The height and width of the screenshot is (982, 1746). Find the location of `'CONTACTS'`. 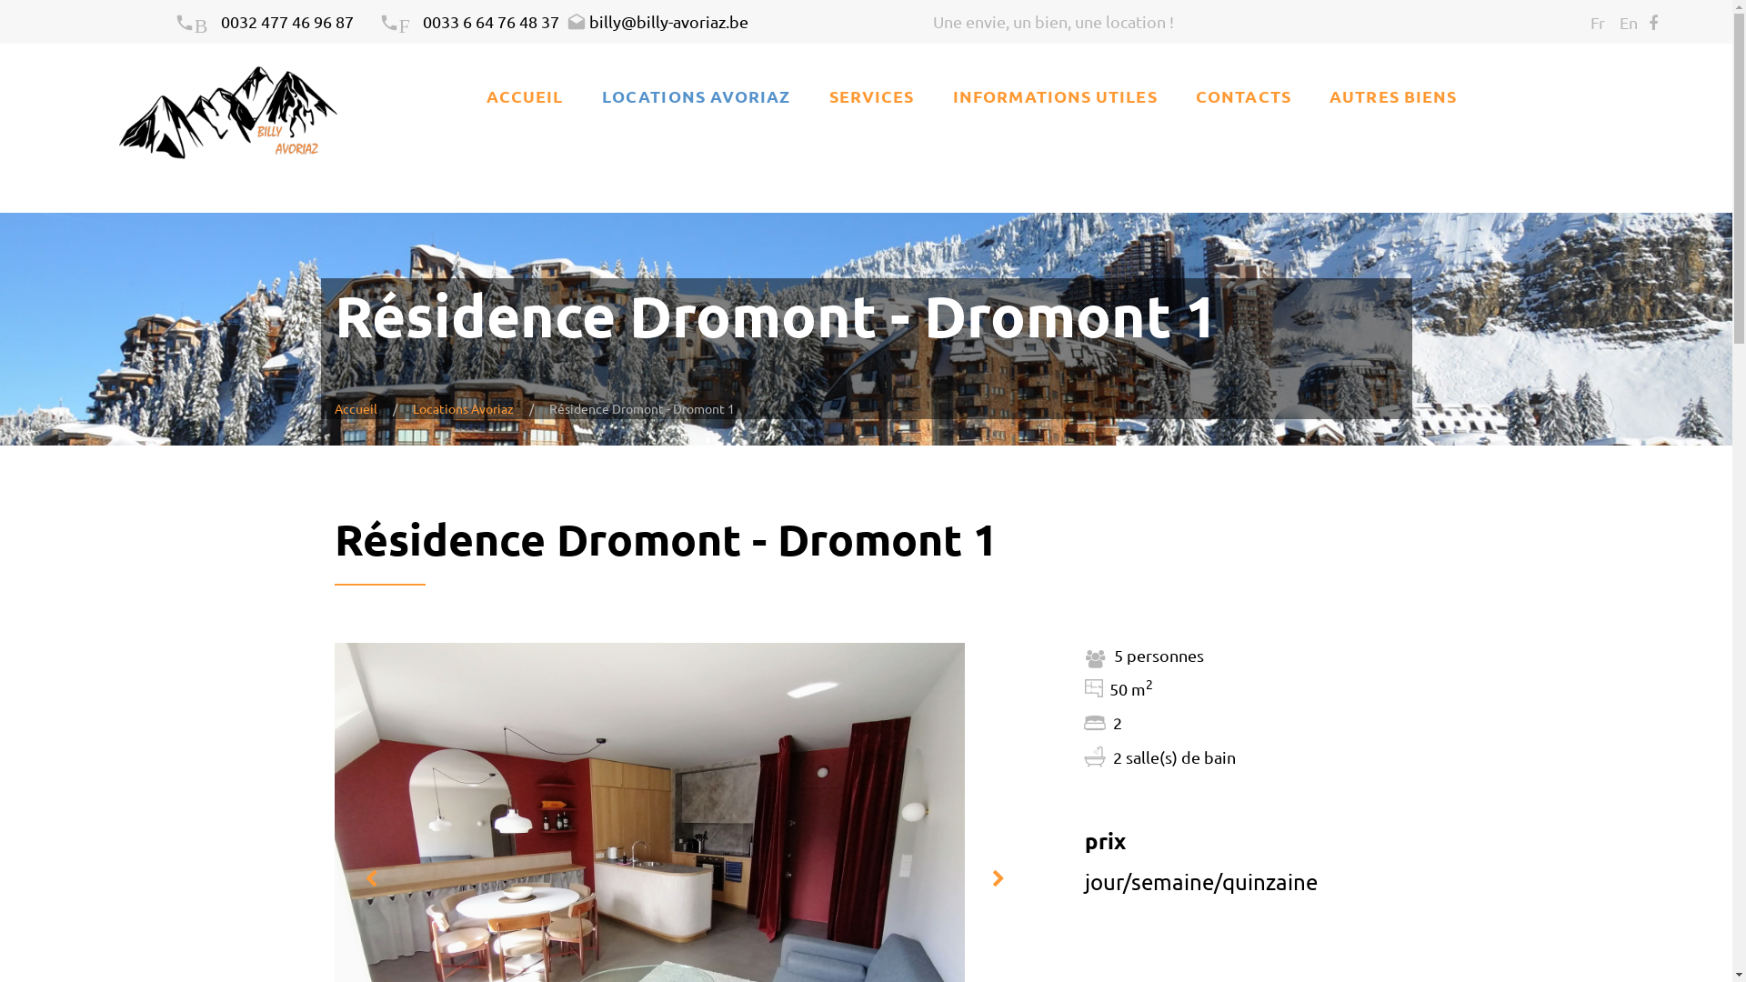

'CONTACTS' is located at coordinates (1242, 95).